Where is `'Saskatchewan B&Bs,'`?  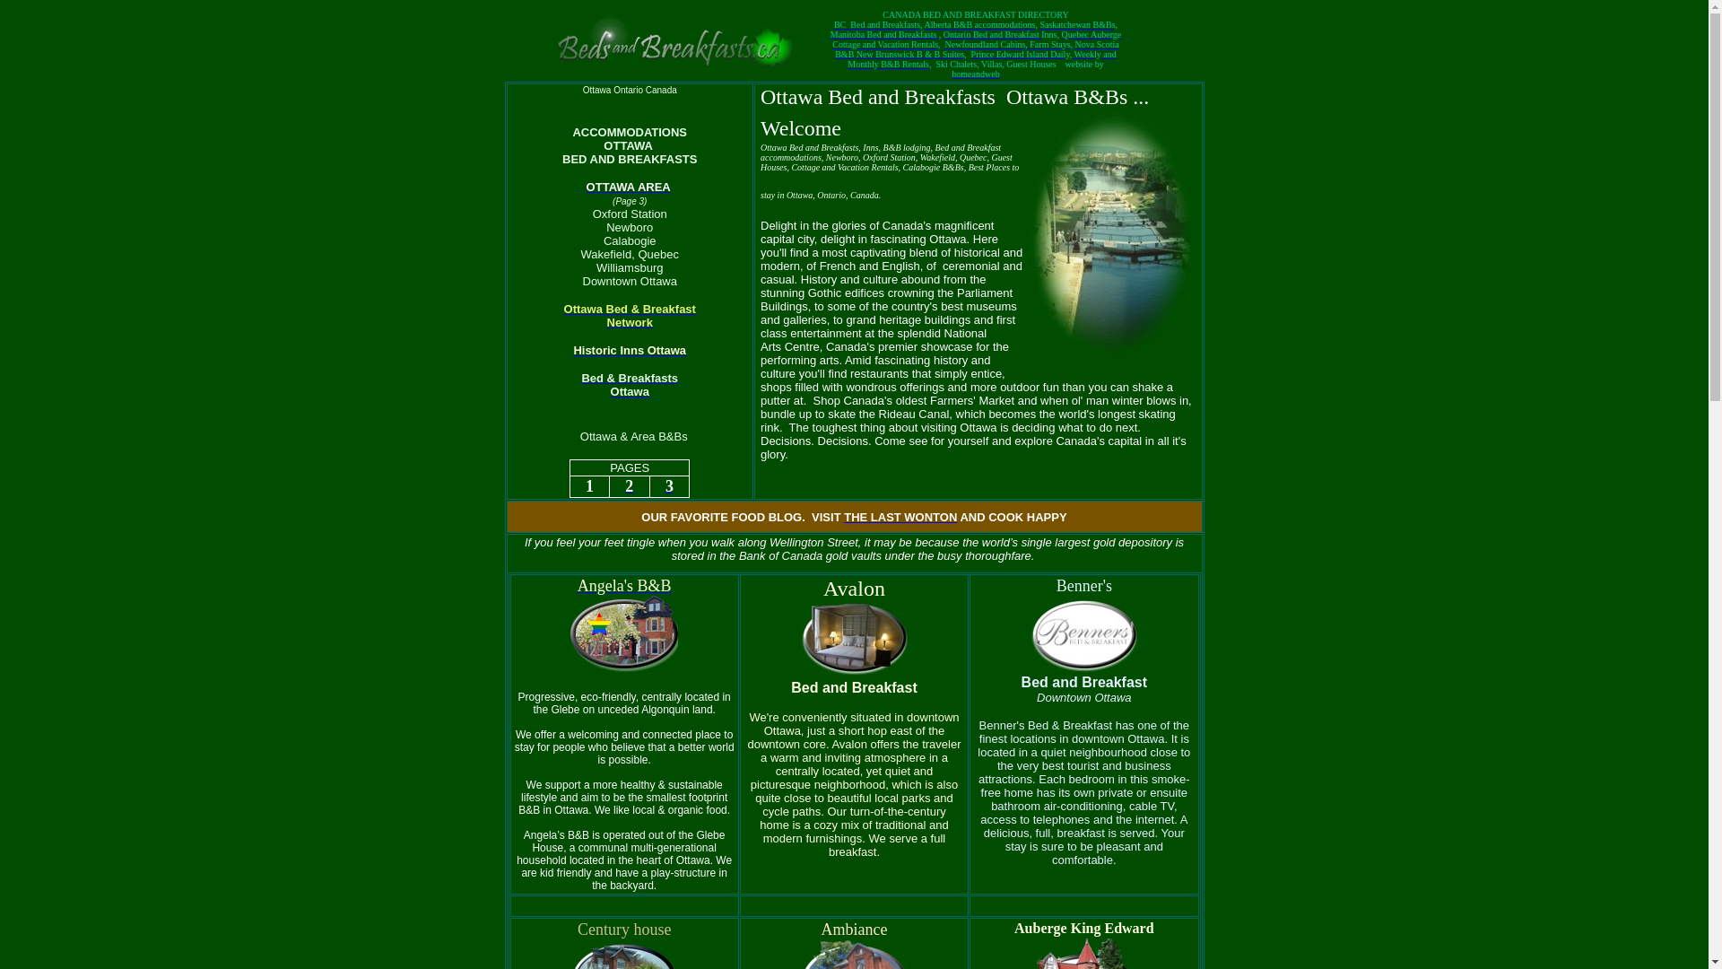
'Saskatchewan B&Bs,' is located at coordinates (1077, 22).